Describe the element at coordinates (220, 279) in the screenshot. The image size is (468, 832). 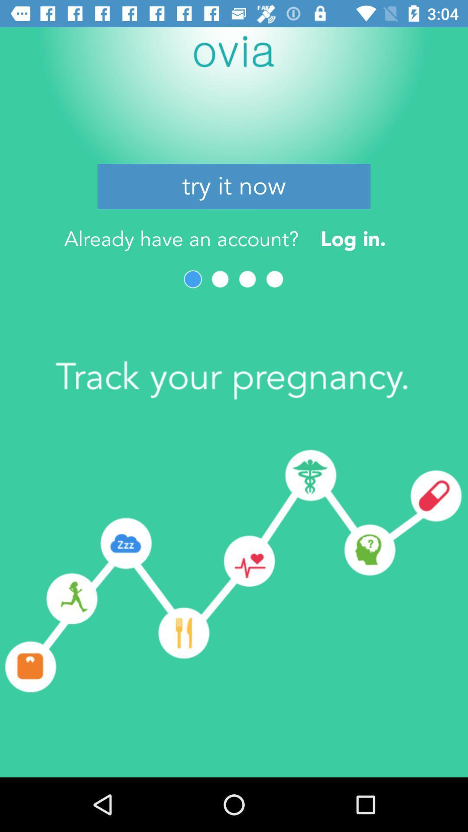
I see `tap to view next screen` at that location.